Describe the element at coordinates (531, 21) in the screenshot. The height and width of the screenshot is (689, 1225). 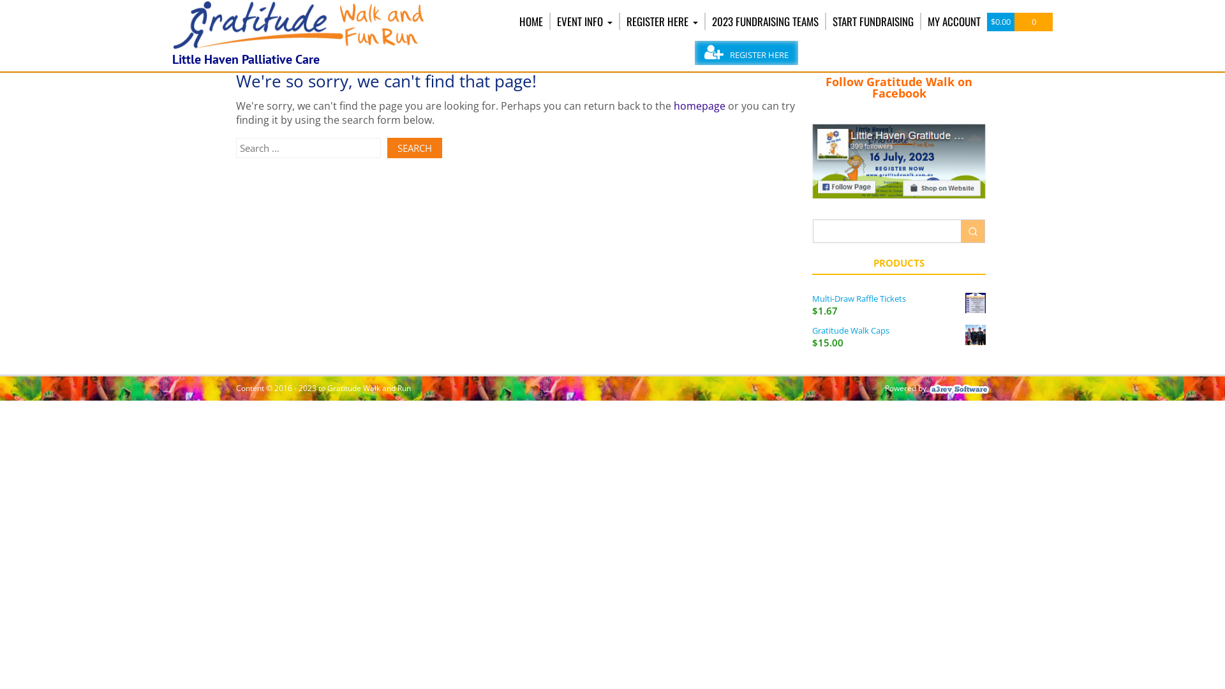
I see `'HOME'` at that location.